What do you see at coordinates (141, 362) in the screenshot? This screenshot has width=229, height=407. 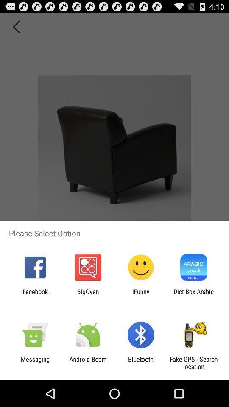 I see `the bluetooth icon` at bounding box center [141, 362].